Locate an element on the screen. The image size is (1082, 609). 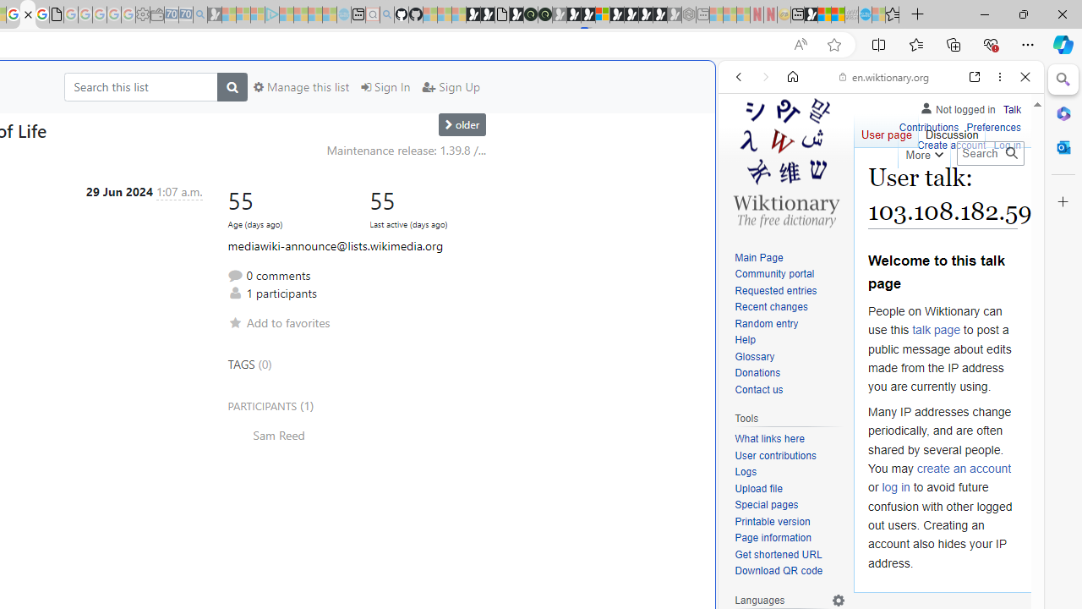
'What links here' is located at coordinates (790, 438).